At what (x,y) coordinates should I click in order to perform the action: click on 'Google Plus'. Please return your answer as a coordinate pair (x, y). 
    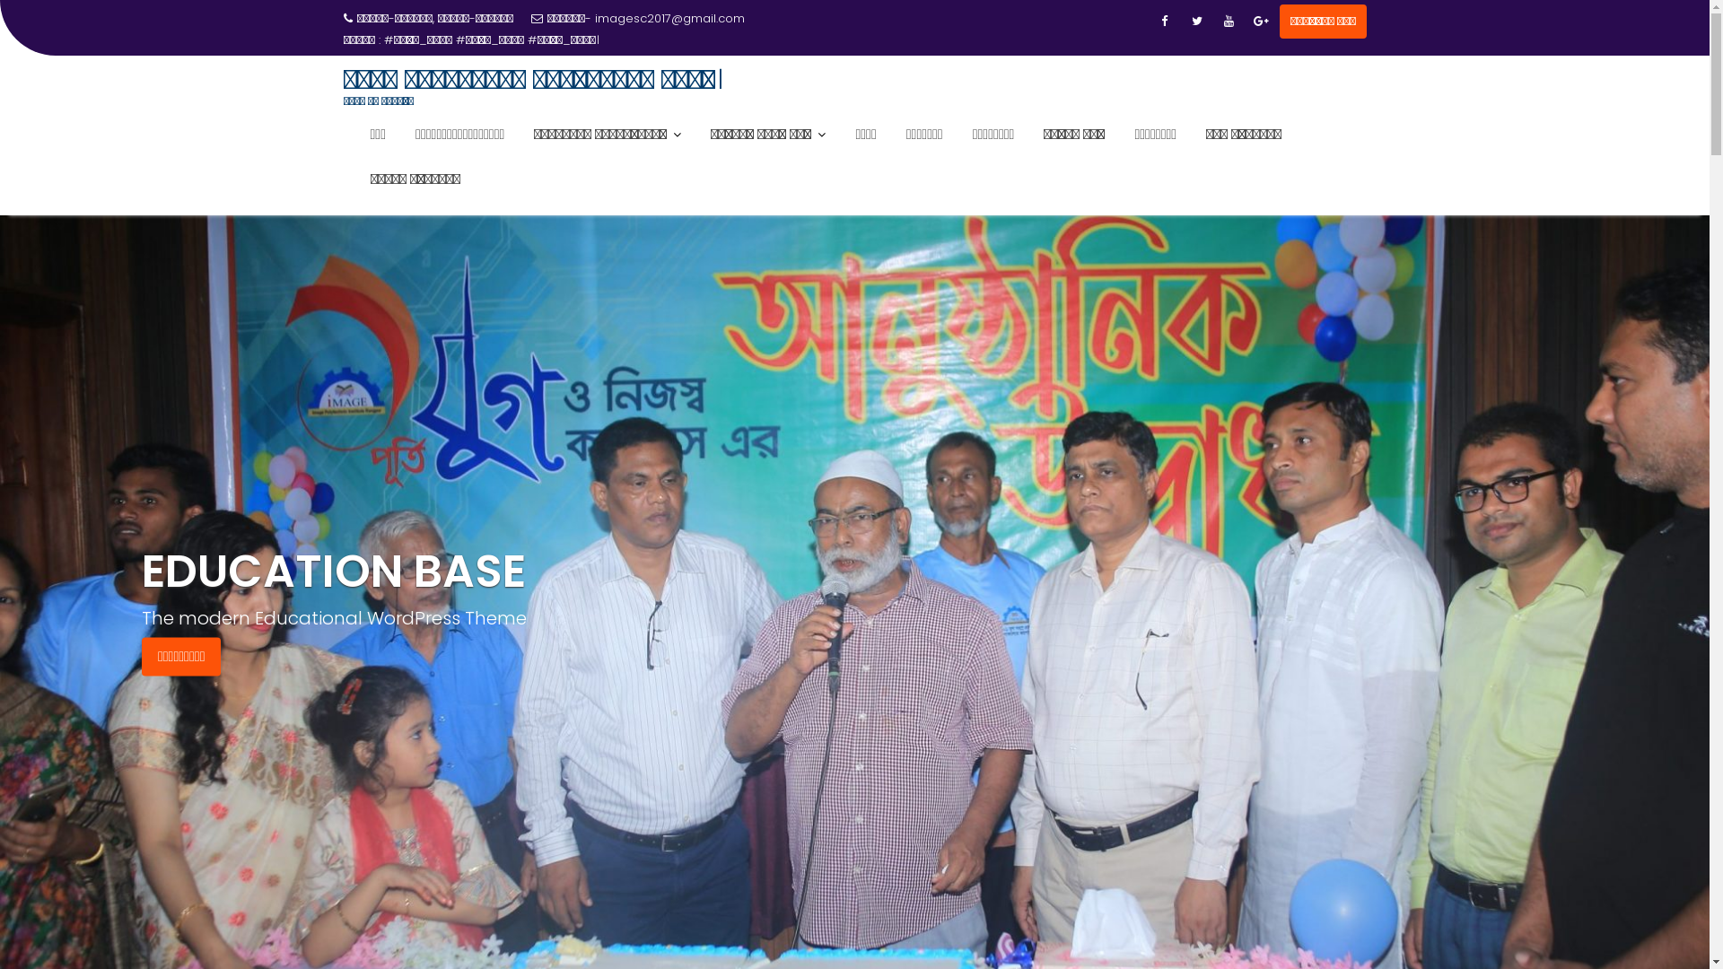
    Looking at the image, I should click on (1261, 21).